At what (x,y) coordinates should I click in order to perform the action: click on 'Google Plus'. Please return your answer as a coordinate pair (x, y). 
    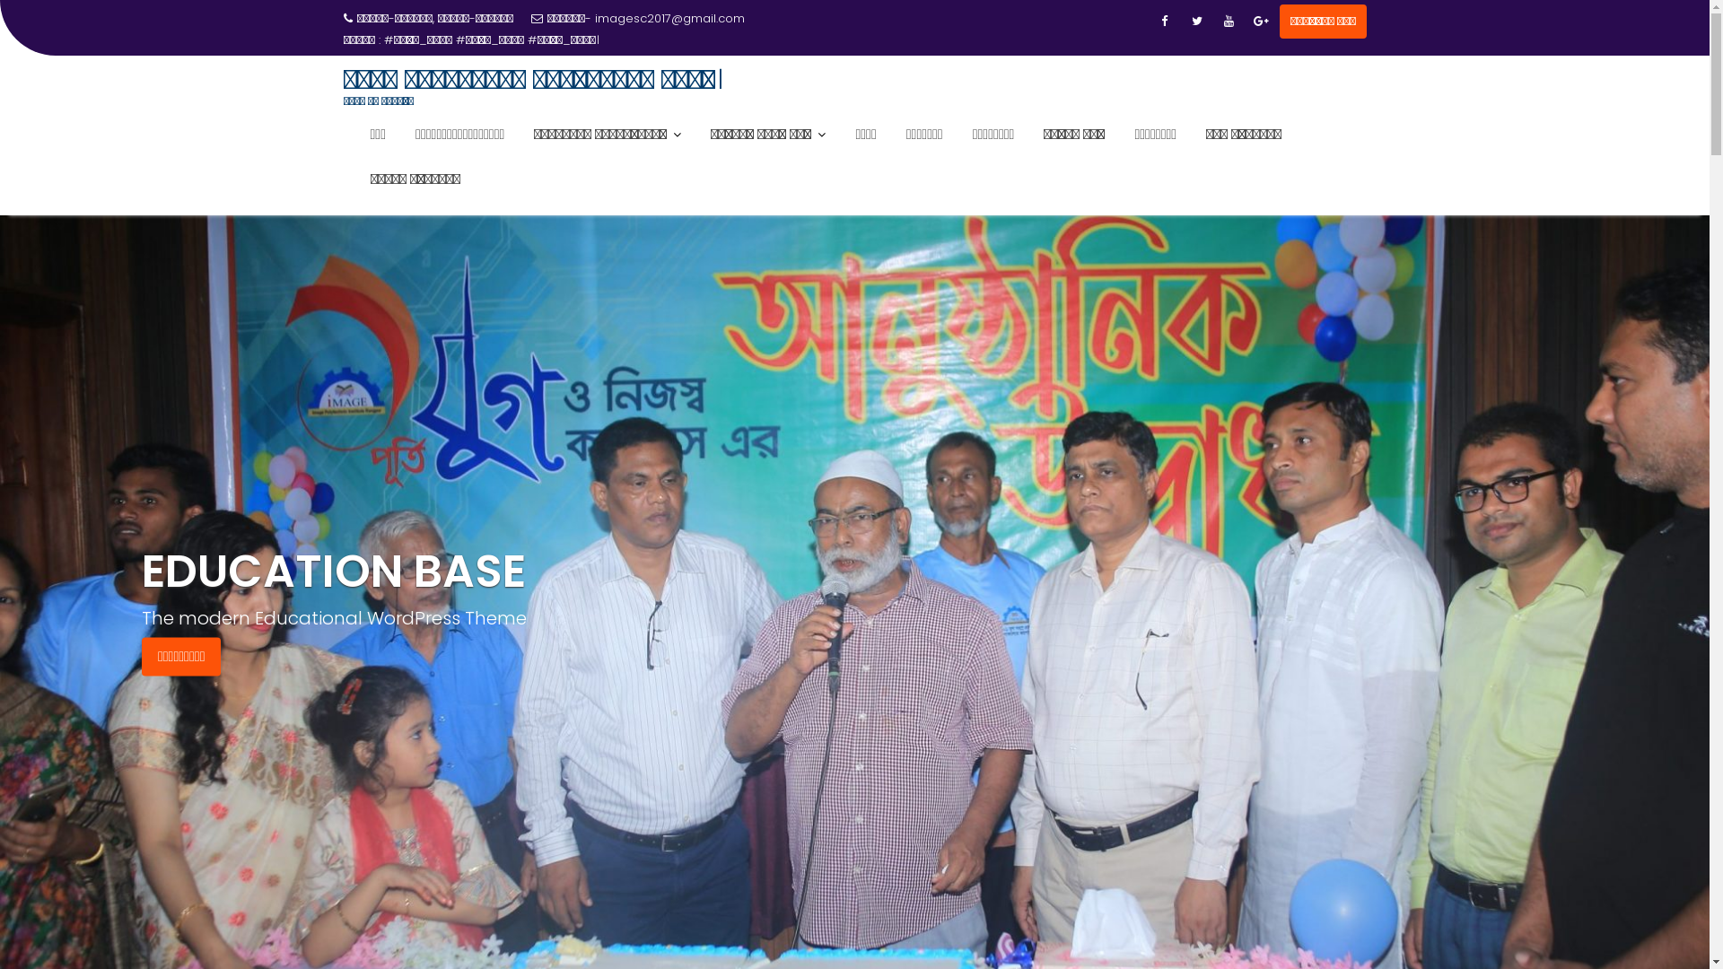
    Looking at the image, I should click on (1261, 21).